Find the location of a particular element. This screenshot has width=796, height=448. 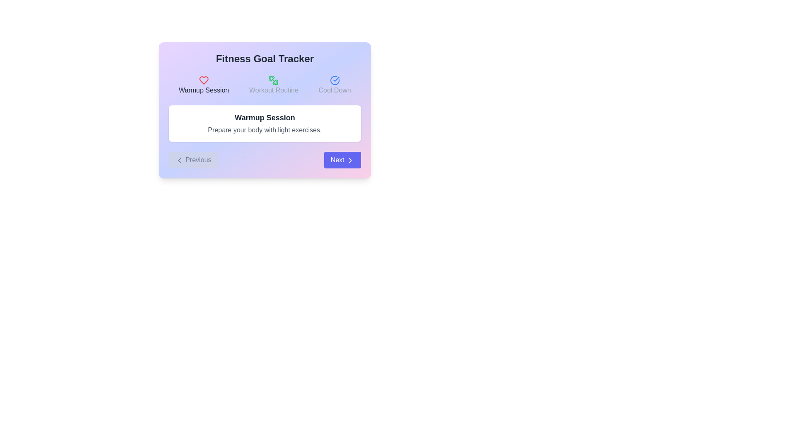

the 'Workout Routine' text label with a decorative icon is located at coordinates (274, 85).